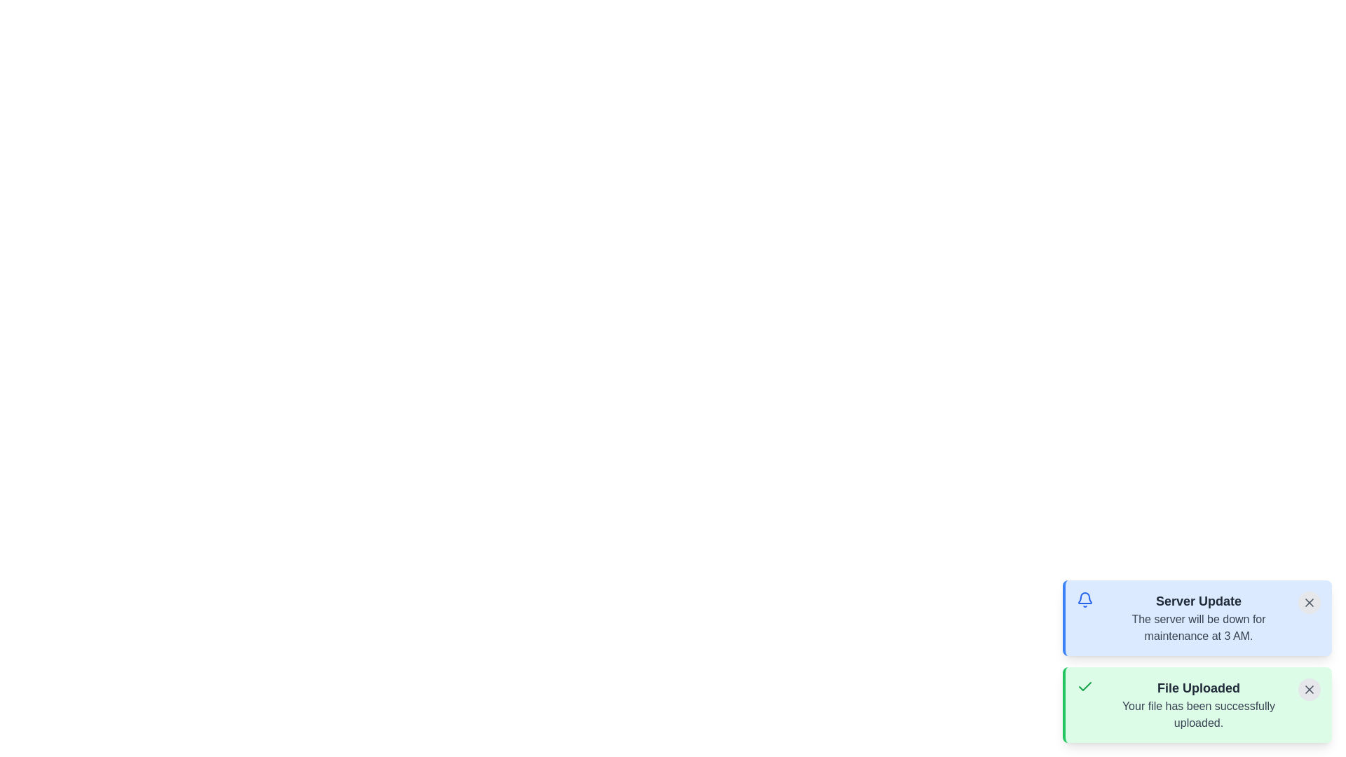 This screenshot has height=757, width=1346. Describe the element at coordinates (1197, 627) in the screenshot. I see `the text label that displays the message 'The server will be down for maintenance at 3 AM.' located in the notification card under the title 'Server Update'` at that location.